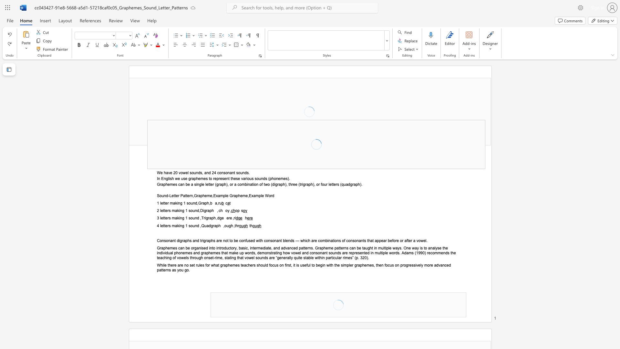  Describe the element at coordinates (232, 173) in the screenshot. I see `the 5th character "n" in the text` at that location.